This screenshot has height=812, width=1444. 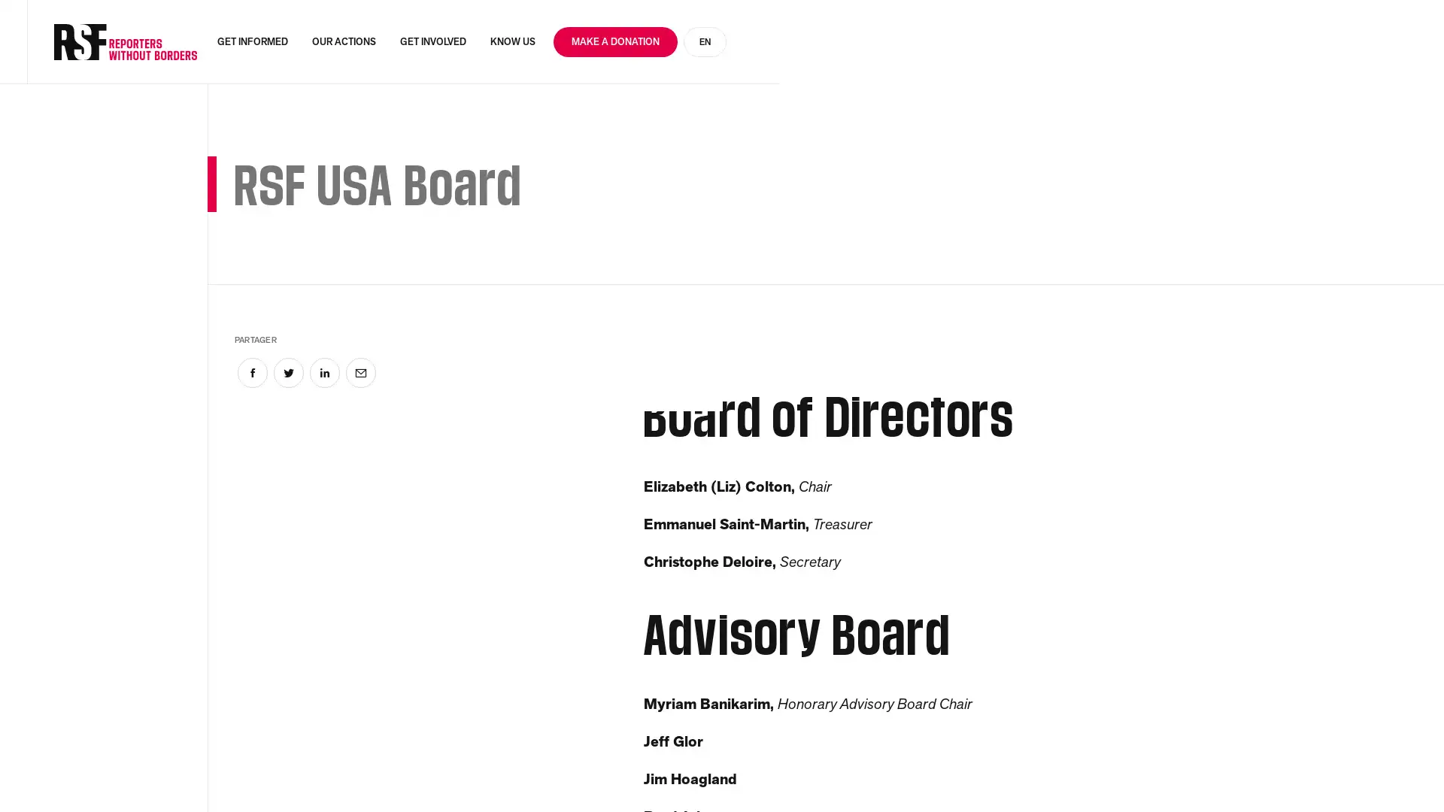 I want to click on Refuse everything, so click(x=1073, y=773).